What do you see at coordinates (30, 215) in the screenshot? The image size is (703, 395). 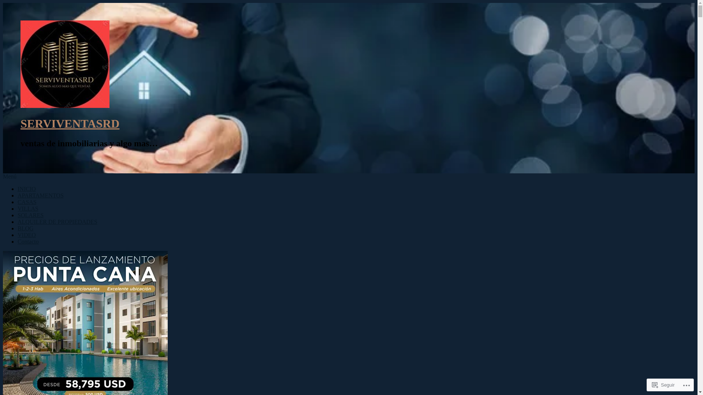 I see `'SOLARES'` at bounding box center [30, 215].